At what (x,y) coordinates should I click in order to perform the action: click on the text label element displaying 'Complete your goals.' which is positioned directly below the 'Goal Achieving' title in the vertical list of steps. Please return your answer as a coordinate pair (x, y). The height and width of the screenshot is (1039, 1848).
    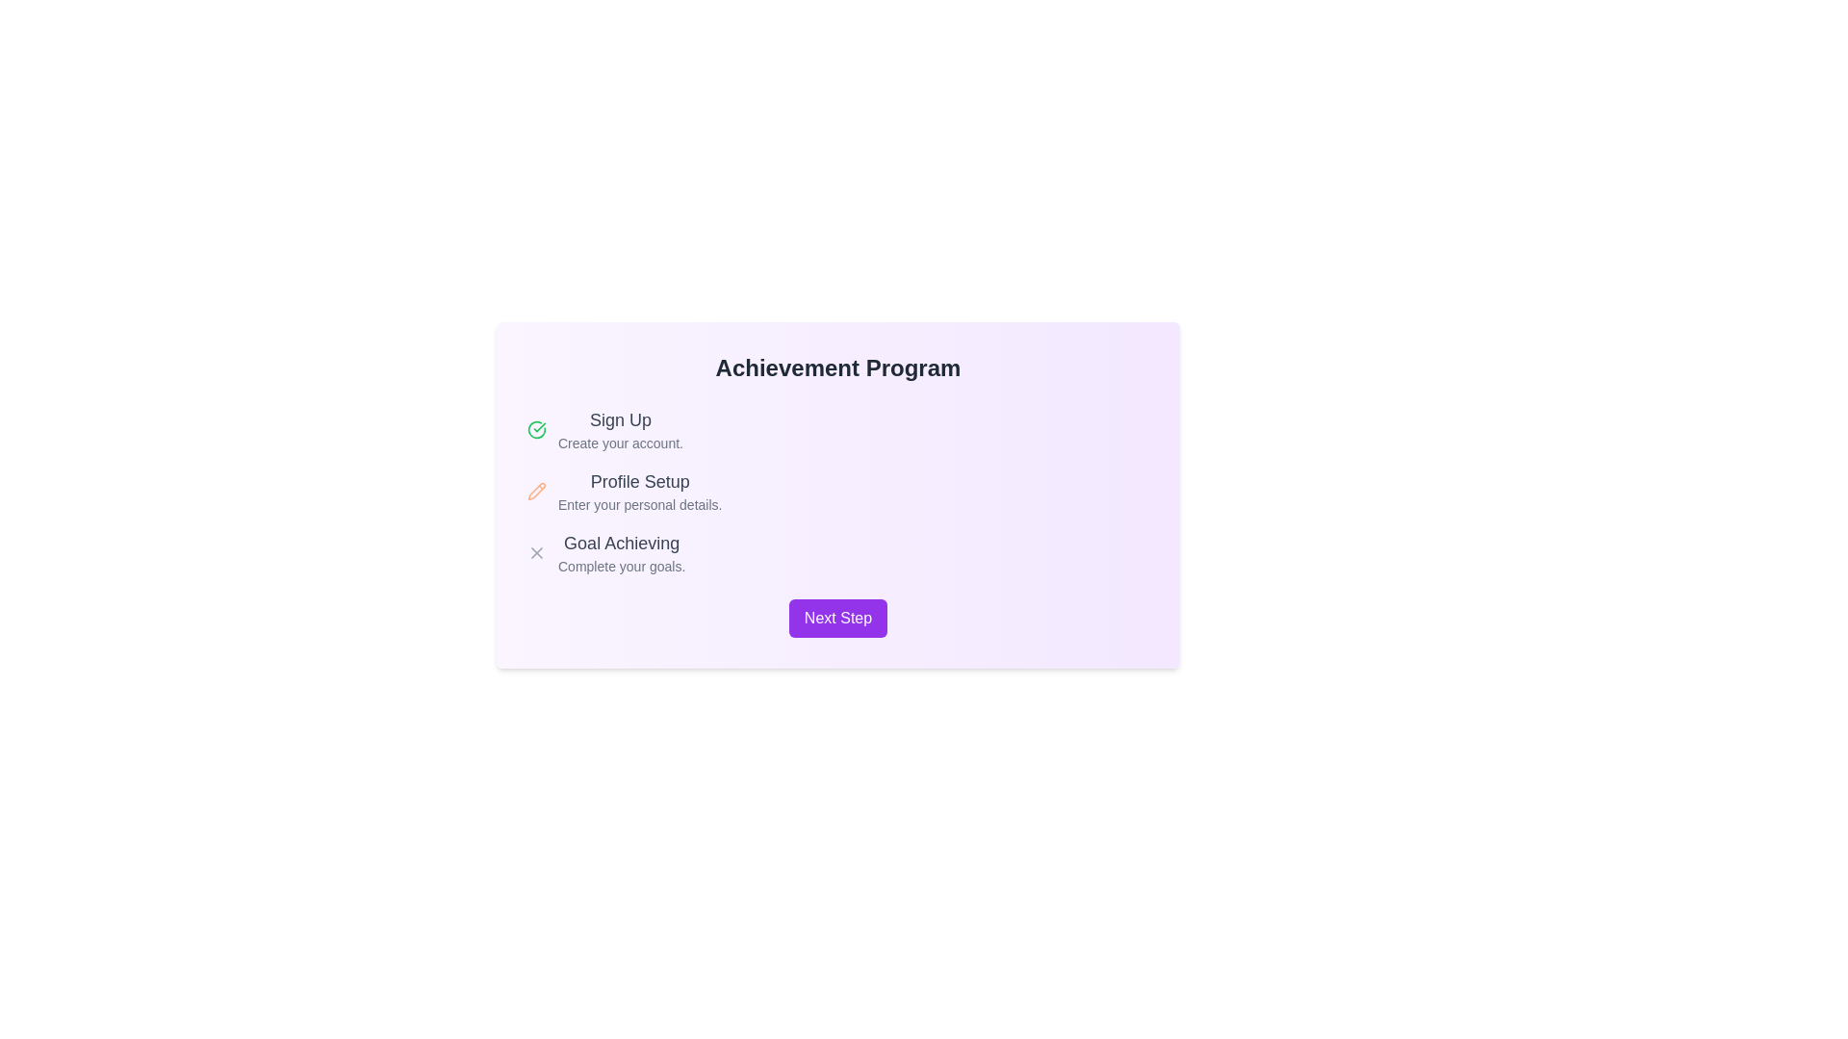
    Looking at the image, I should click on (622, 566).